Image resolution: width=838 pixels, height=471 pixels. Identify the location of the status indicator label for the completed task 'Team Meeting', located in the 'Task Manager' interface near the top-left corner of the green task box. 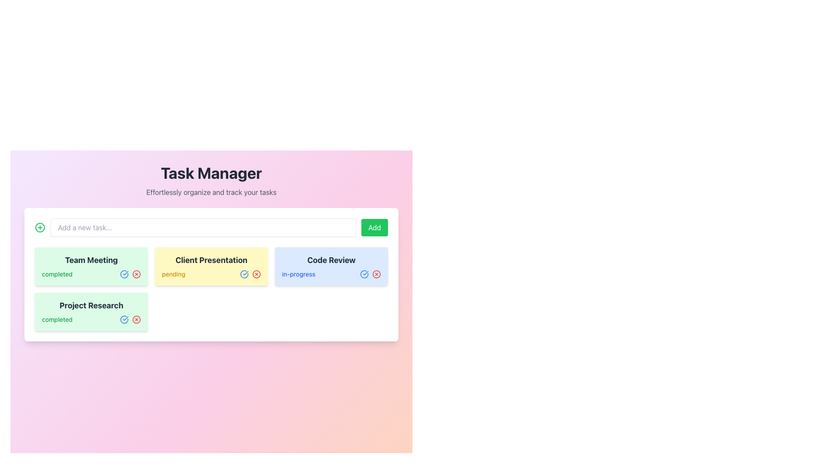
(57, 273).